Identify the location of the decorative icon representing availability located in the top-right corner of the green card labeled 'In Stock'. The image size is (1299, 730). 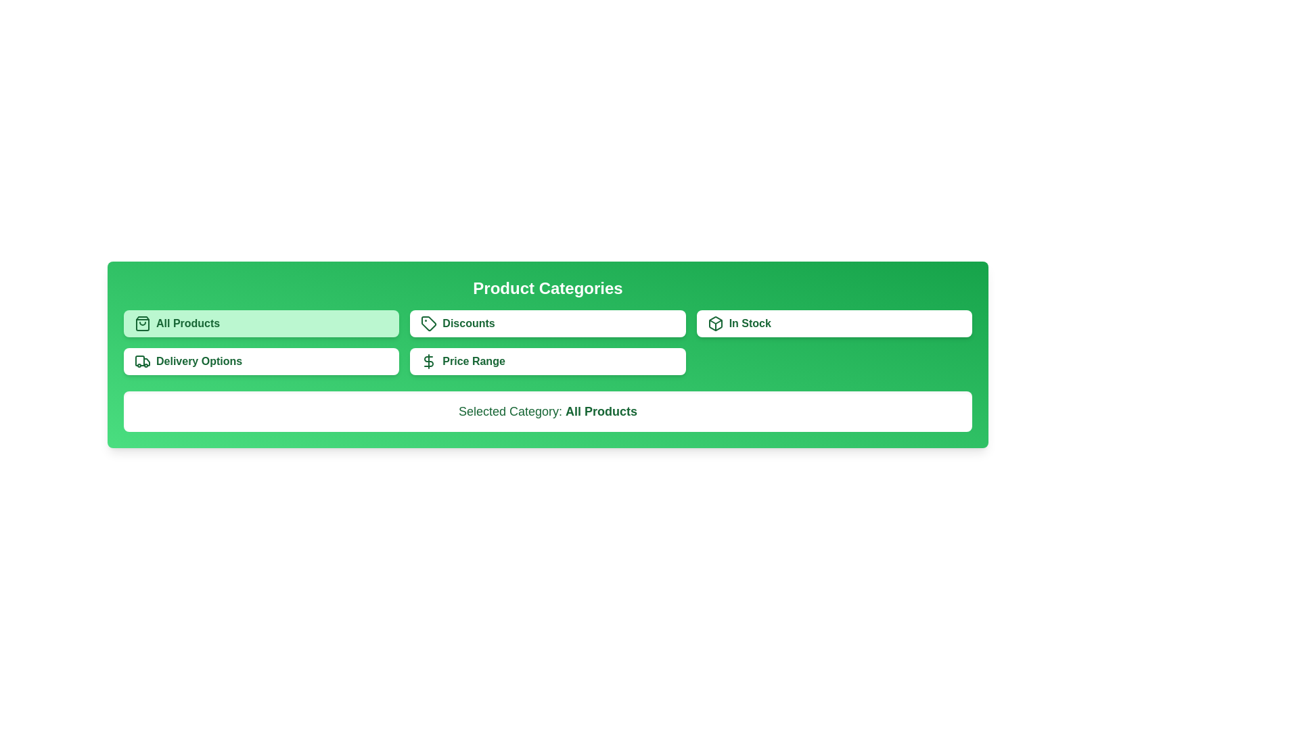
(714, 323).